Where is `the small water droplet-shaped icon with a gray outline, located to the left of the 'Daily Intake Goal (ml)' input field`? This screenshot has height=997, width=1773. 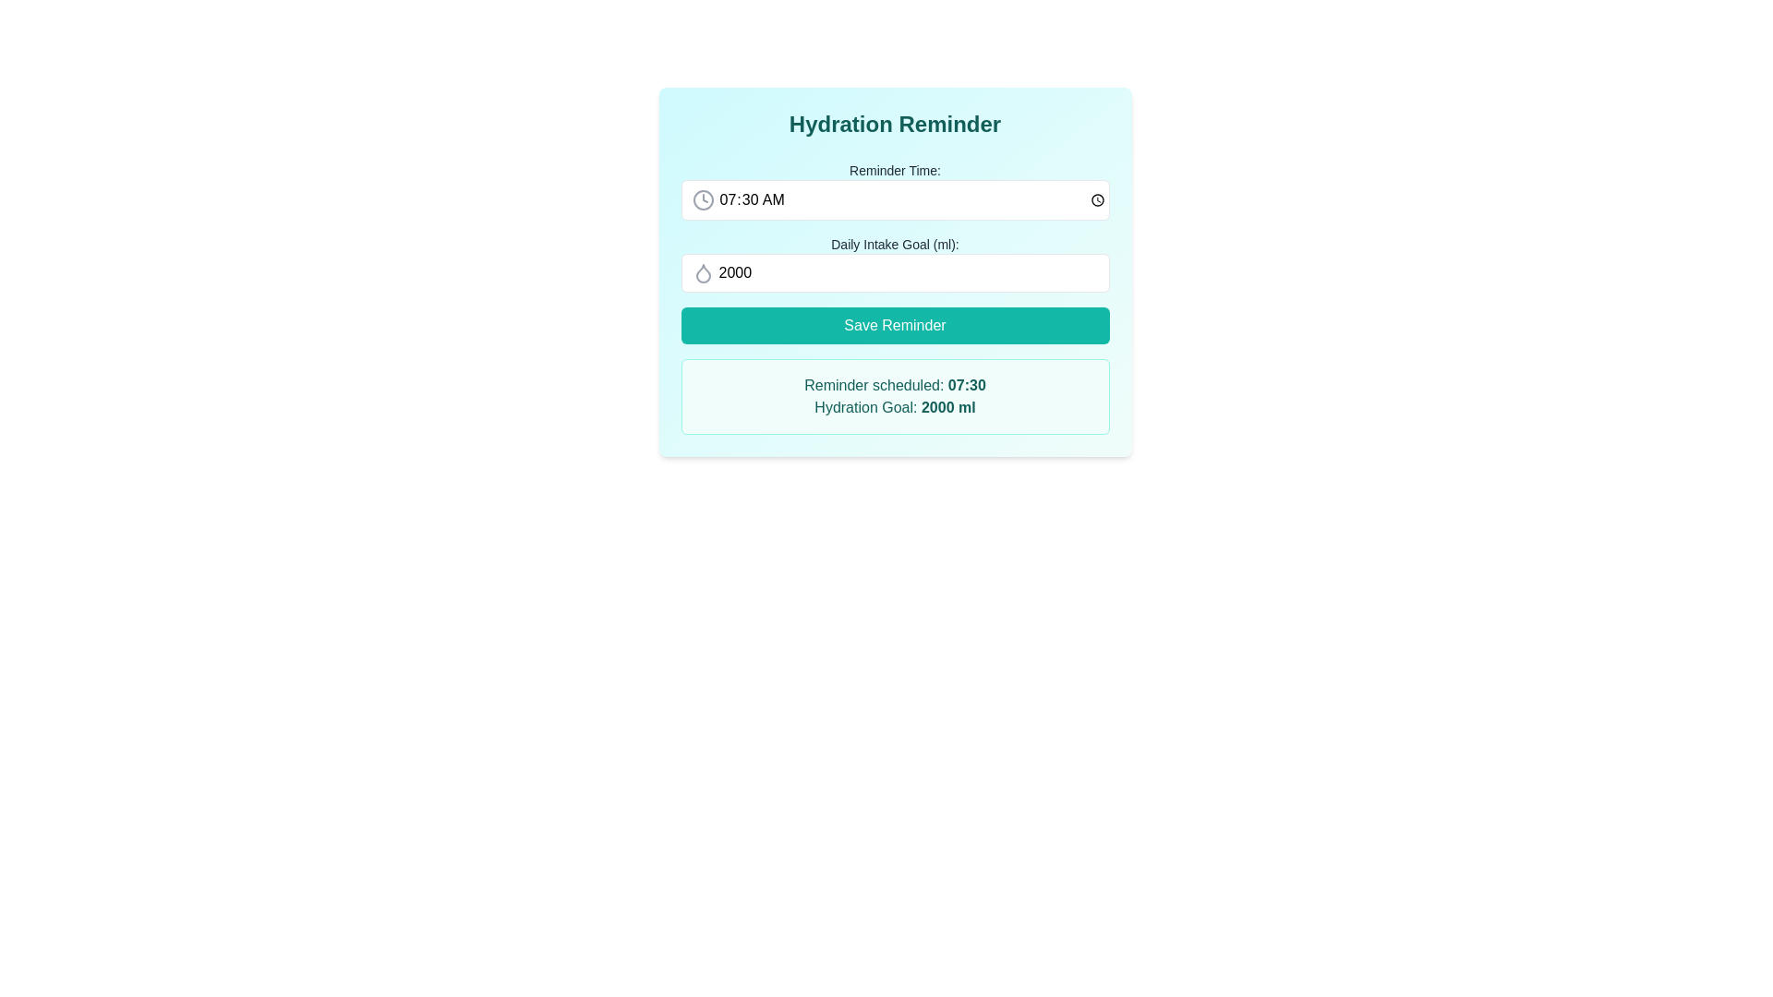 the small water droplet-shaped icon with a gray outline, located to the left of the 'Daily Intake Goal (ml)' input field is located at coordinates (702, 273).